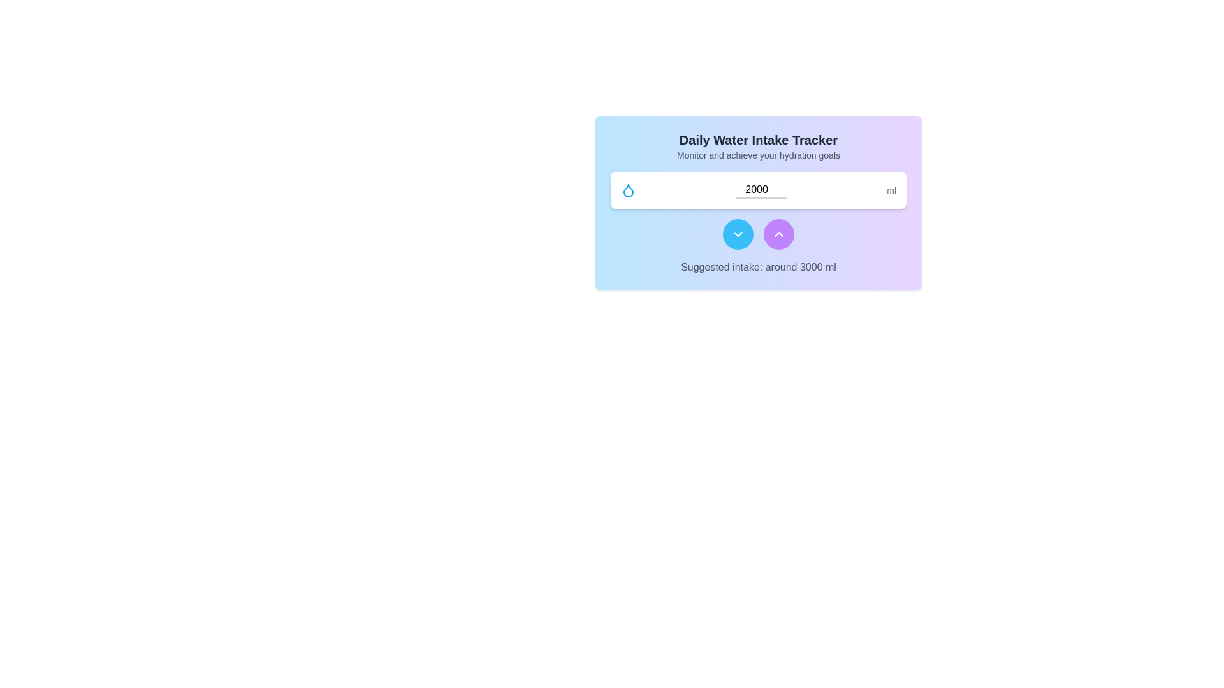  I want to click on the chevron-up arrow icon, which is a white triangular arrow on a purple circular background, so click(778, 234).